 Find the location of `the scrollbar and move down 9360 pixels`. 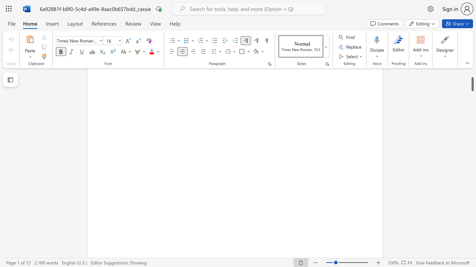

the scrollbar and move down 9360 pixels is located at coordinates (472, 79).